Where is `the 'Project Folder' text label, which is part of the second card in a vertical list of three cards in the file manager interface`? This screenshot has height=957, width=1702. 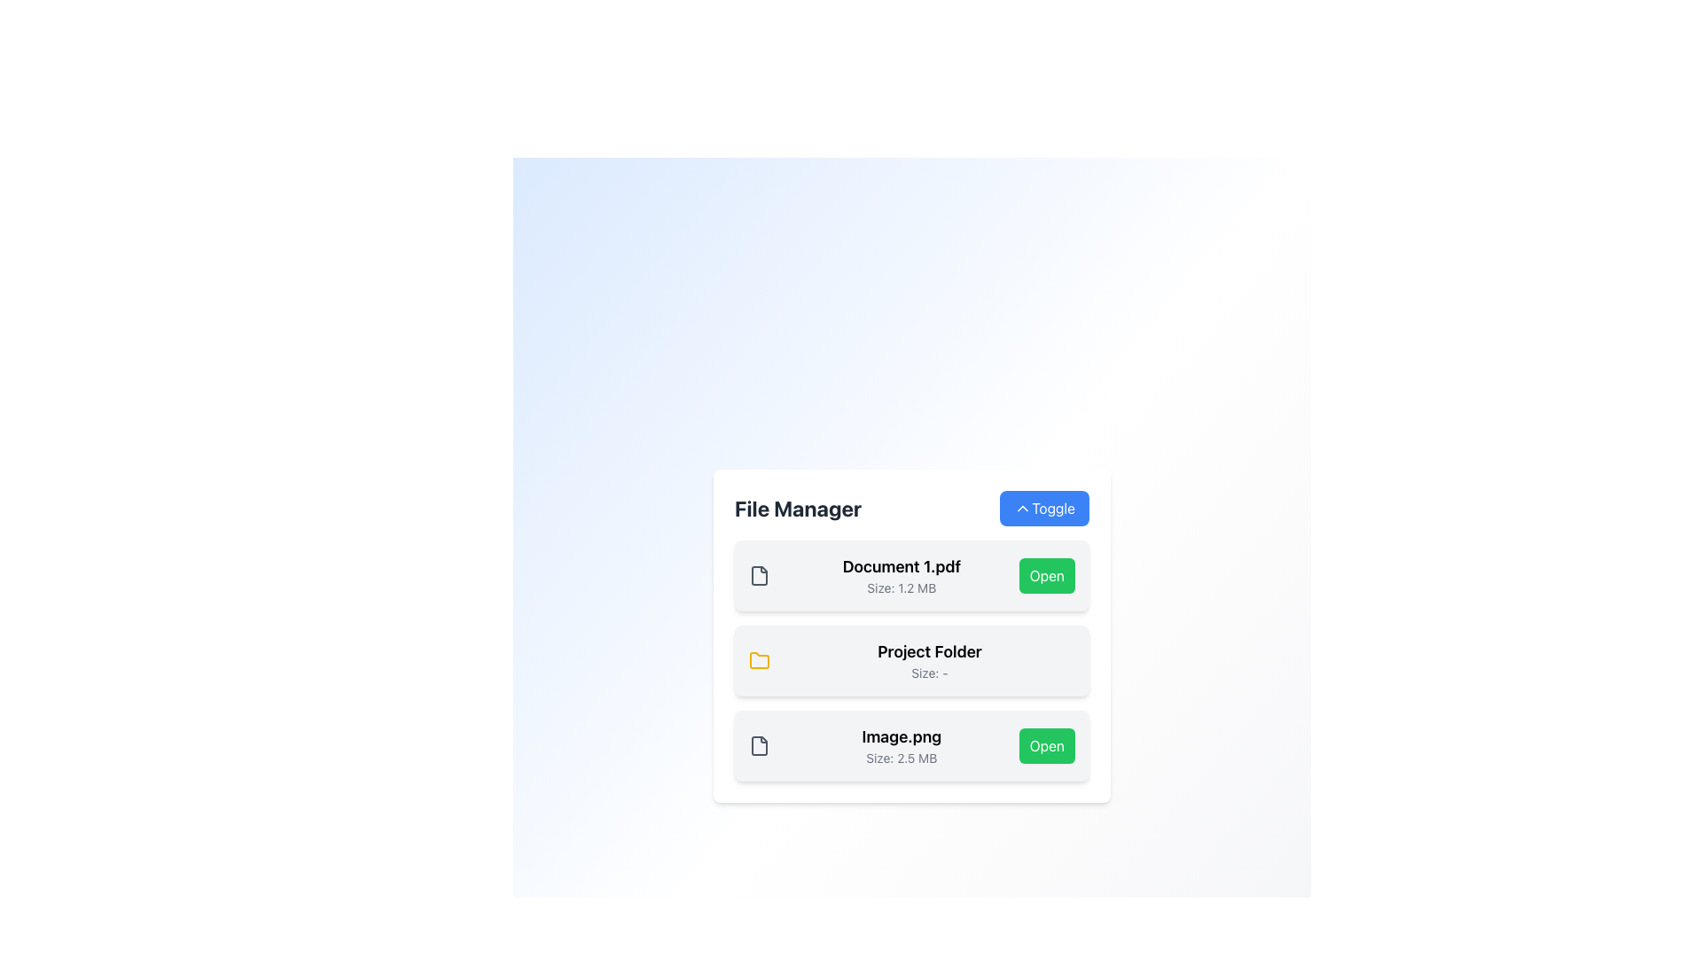 the 'Project Folder' text label, which is part of the second card in a vertical list of three cards in the file manager interface is located at coordinates (929, 660).